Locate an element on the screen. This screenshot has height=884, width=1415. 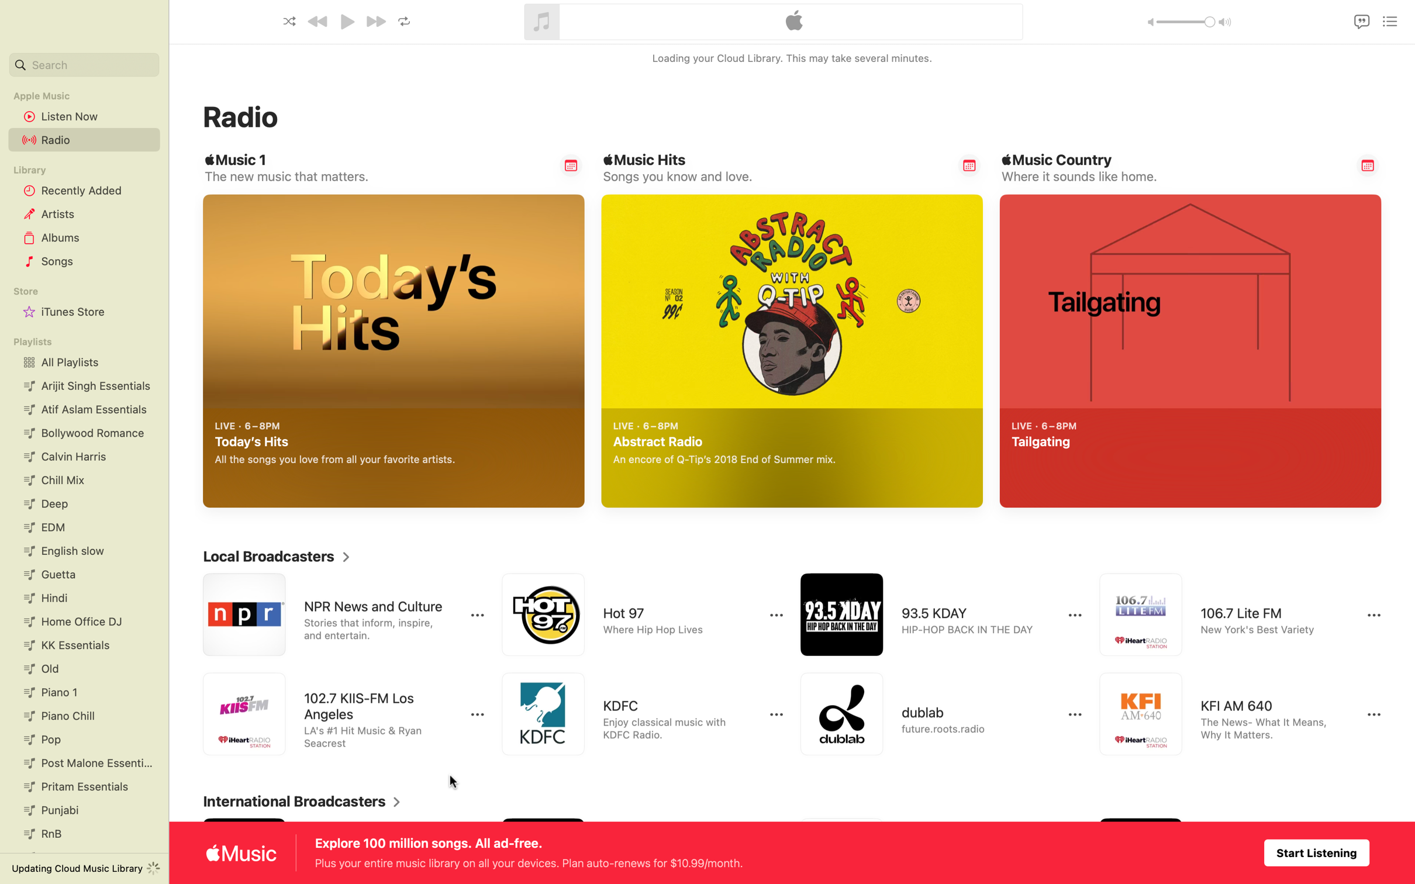
Play 93.5 KDAY is located at coordinates (930, 614).